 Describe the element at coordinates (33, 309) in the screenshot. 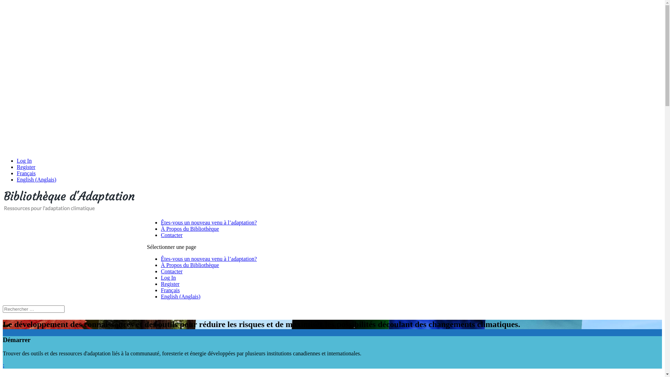

I see `'Rechercher:'` at that location.